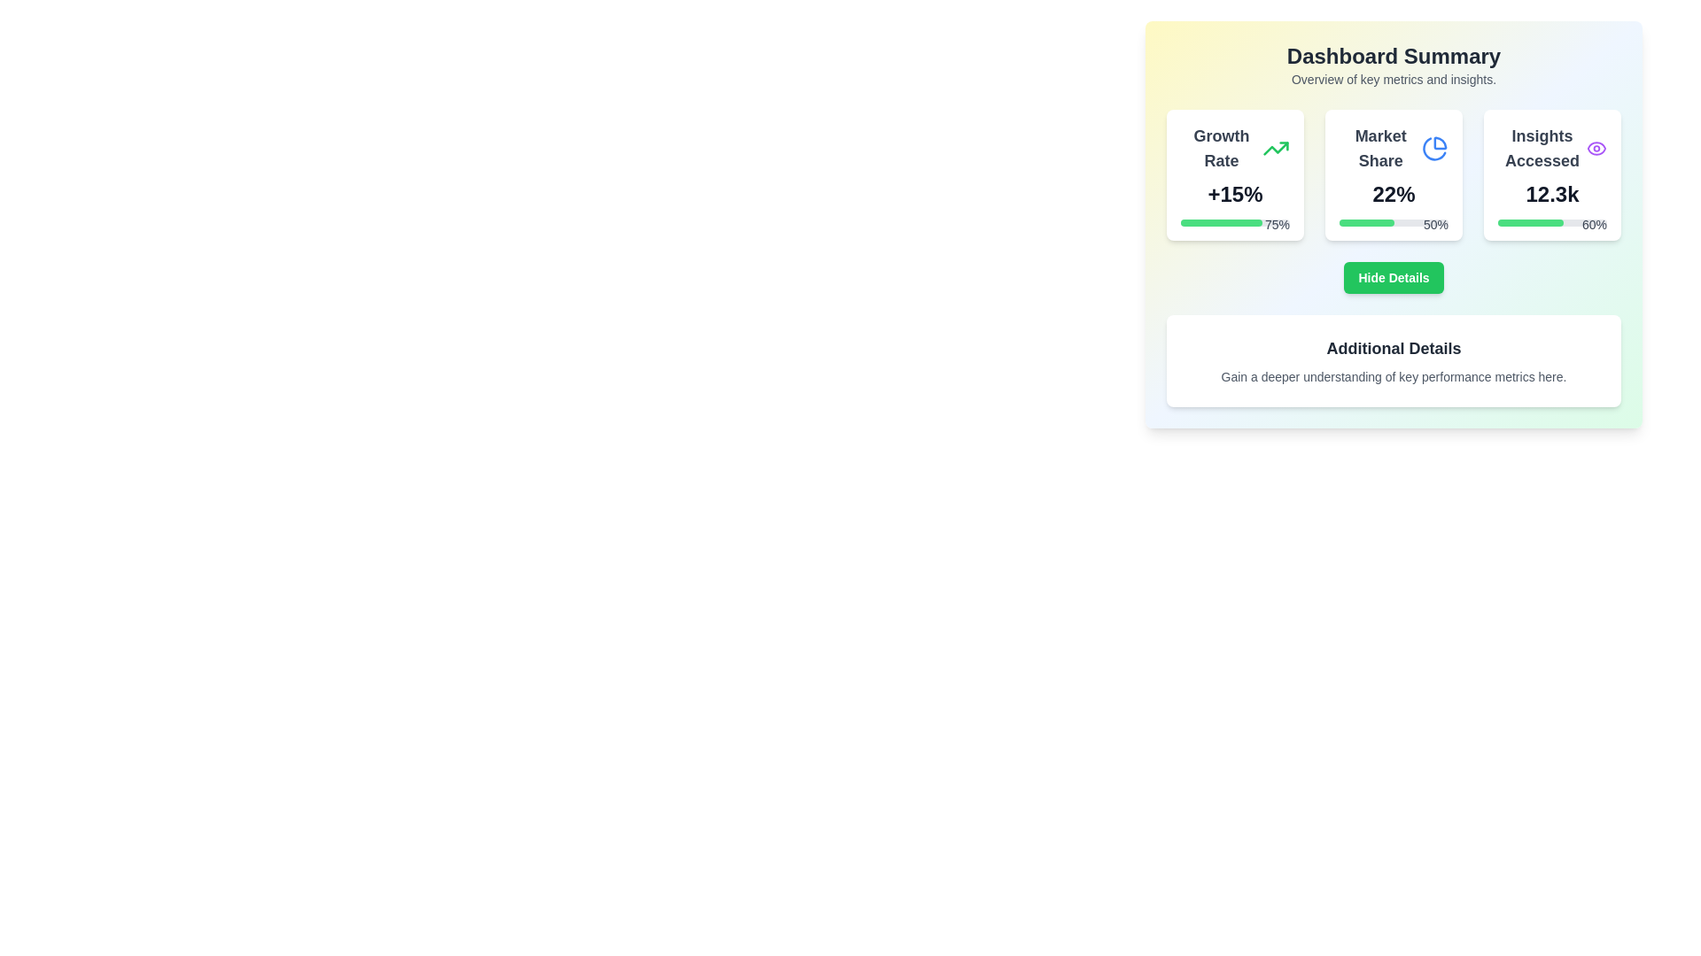  Describe the element at coordinates (1393, 221) in the screenshot. I see `the progress bar with a green segment and the '50%' text label located` at that location.